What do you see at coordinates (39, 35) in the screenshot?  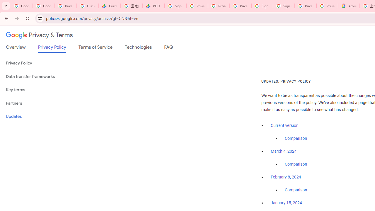 I see `'Privacy & Terms'` at bounding box center [39, 35].